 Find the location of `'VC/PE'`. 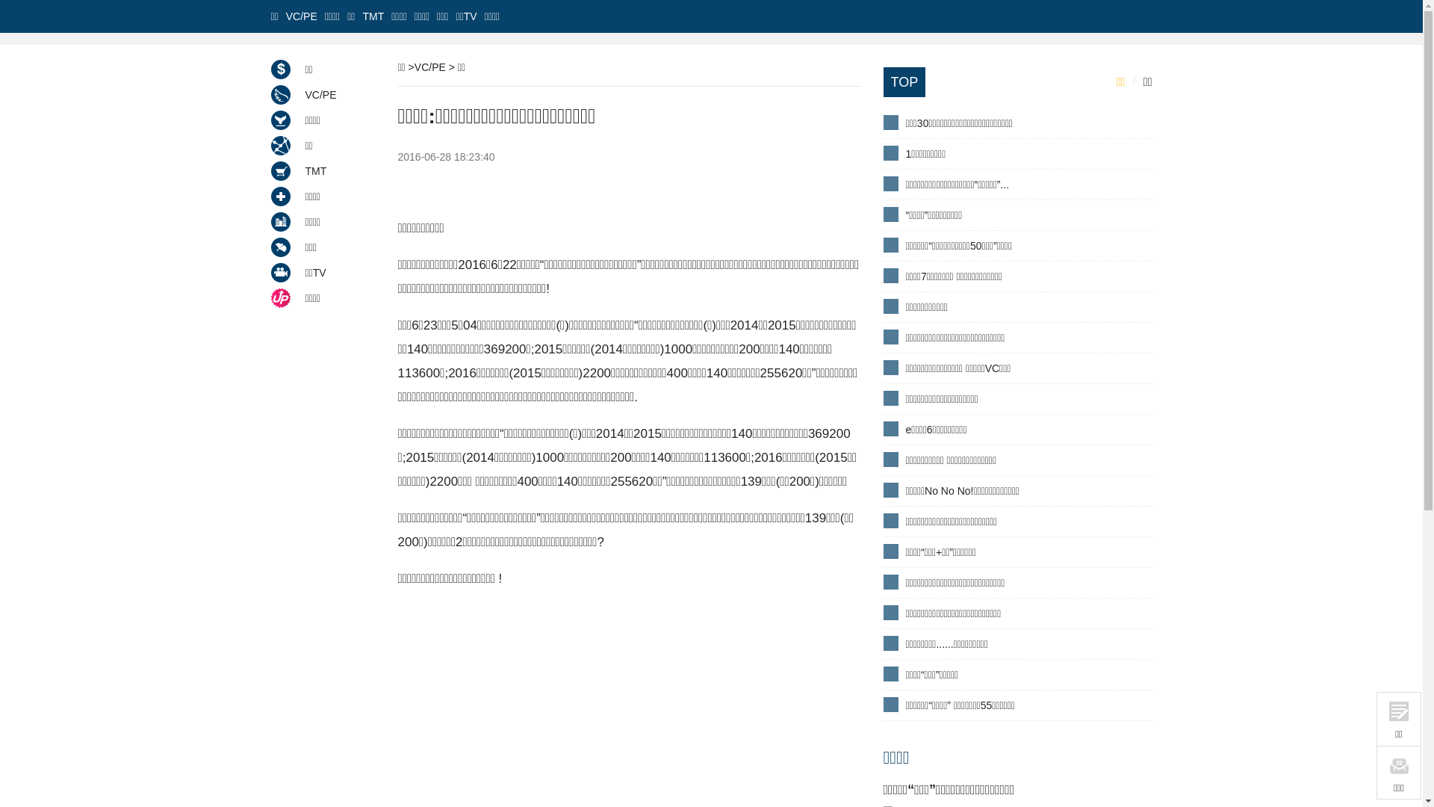

'VC/PE' is located at coordinates (300, 16).